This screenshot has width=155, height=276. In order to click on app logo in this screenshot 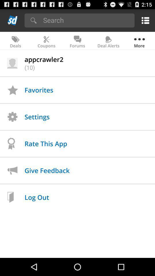, I will do `click(13, 20)`.